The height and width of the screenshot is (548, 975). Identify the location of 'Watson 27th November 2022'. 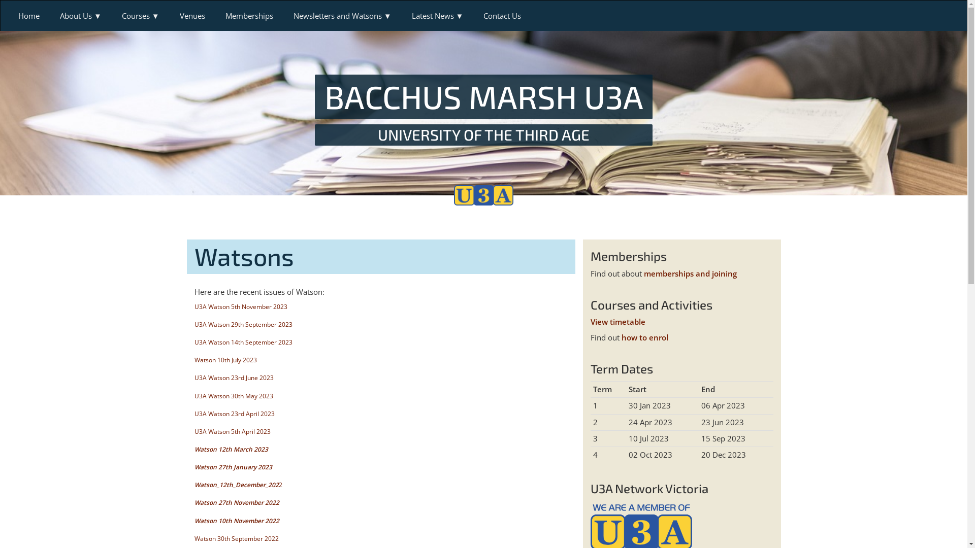
(194, 502).